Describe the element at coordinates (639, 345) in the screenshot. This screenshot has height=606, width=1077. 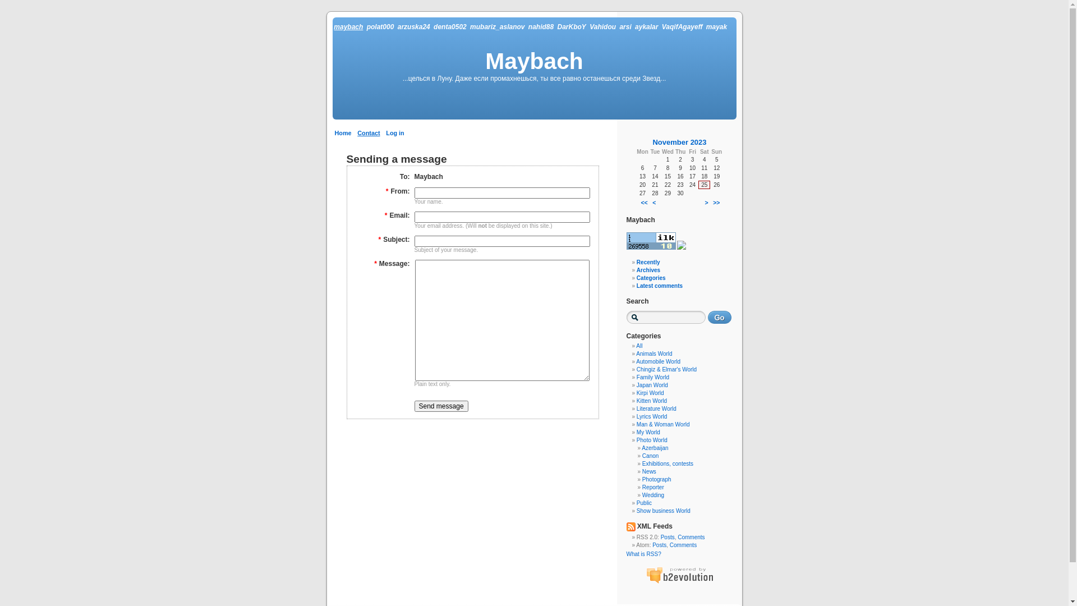
I see `'All'` at that location.